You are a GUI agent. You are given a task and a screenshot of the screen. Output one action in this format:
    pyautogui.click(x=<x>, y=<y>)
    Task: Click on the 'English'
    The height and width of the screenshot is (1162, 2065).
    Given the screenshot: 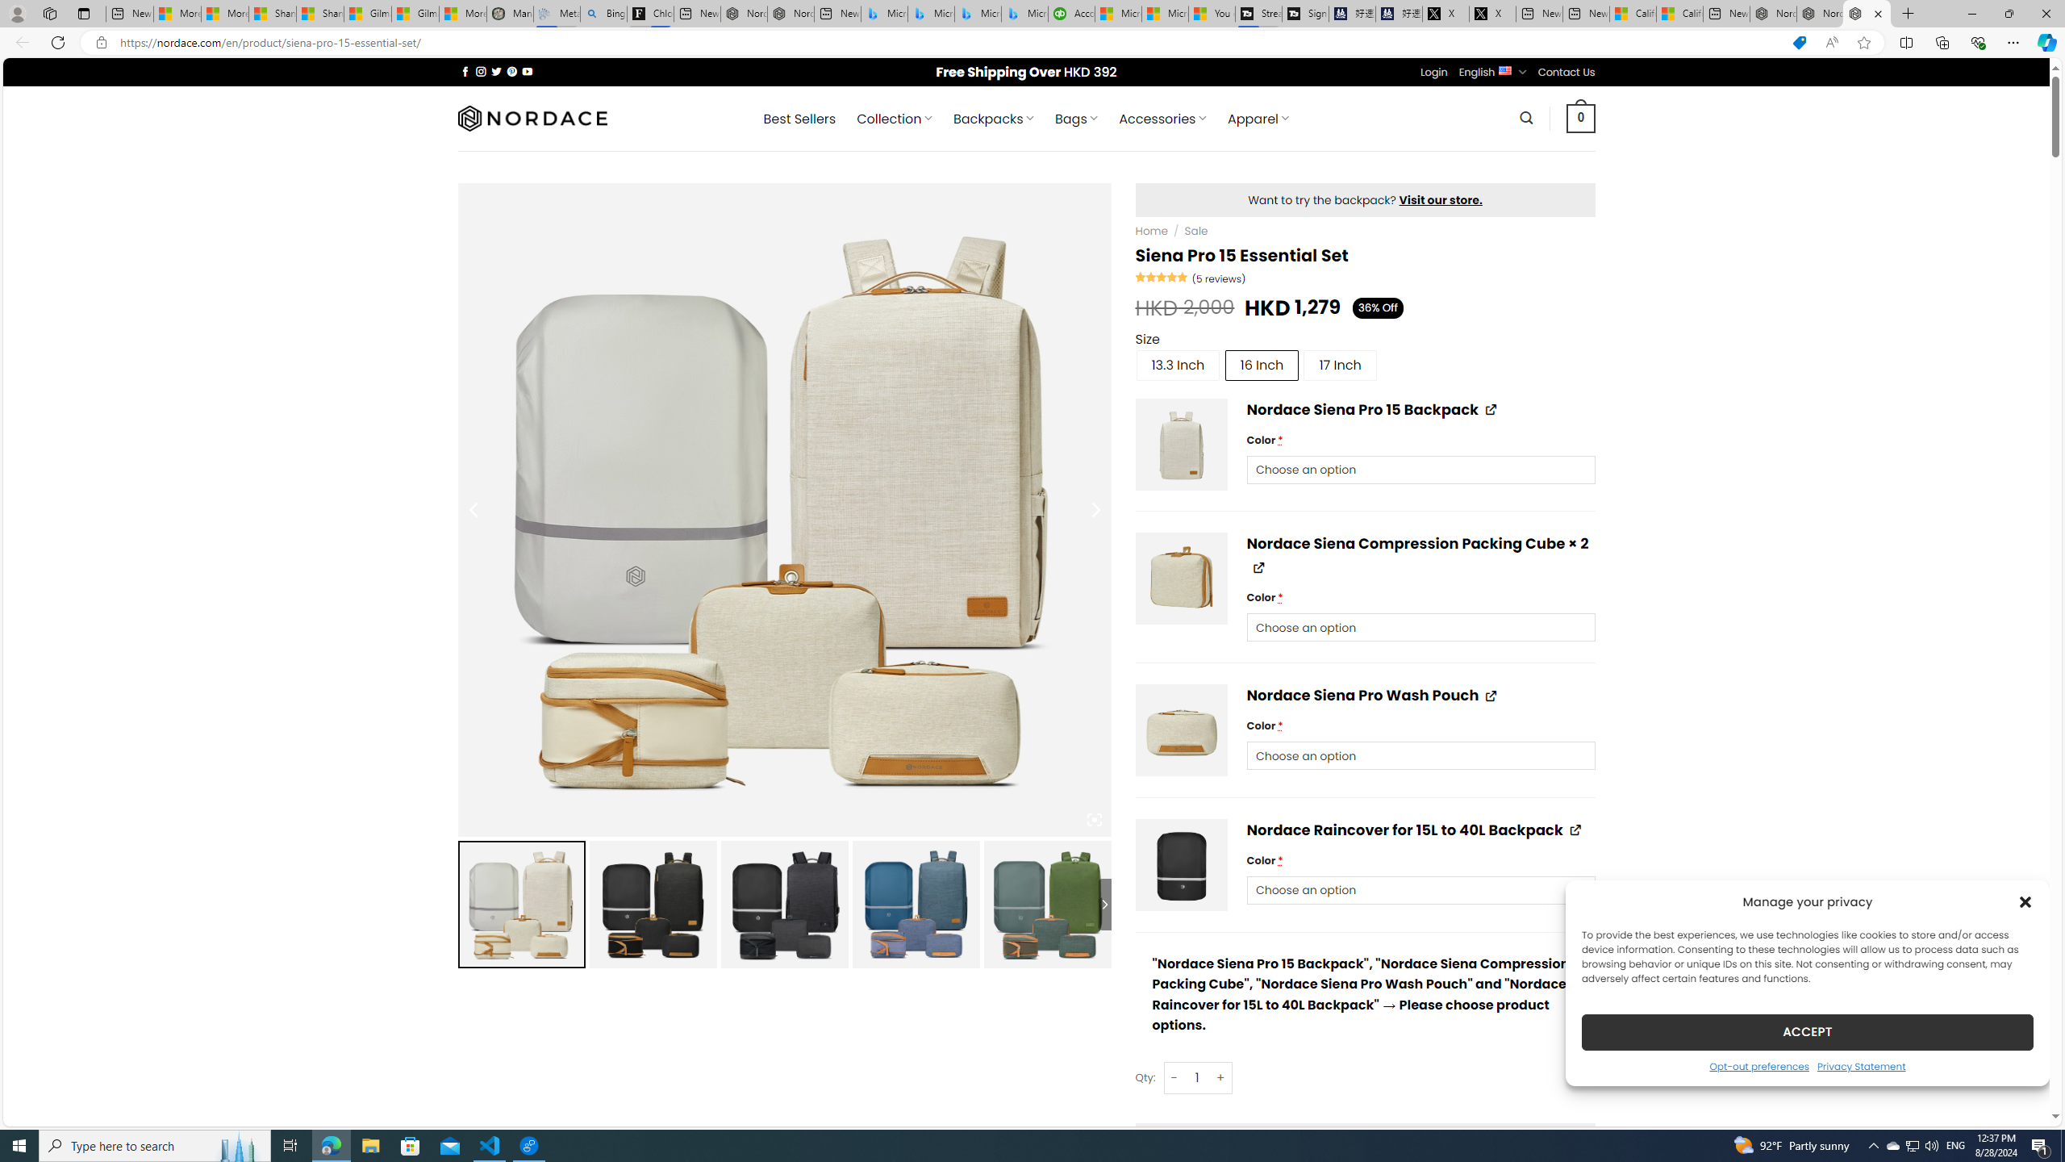 What is the action you would take?
    pyautogui.click(x=1505, y=70)
    